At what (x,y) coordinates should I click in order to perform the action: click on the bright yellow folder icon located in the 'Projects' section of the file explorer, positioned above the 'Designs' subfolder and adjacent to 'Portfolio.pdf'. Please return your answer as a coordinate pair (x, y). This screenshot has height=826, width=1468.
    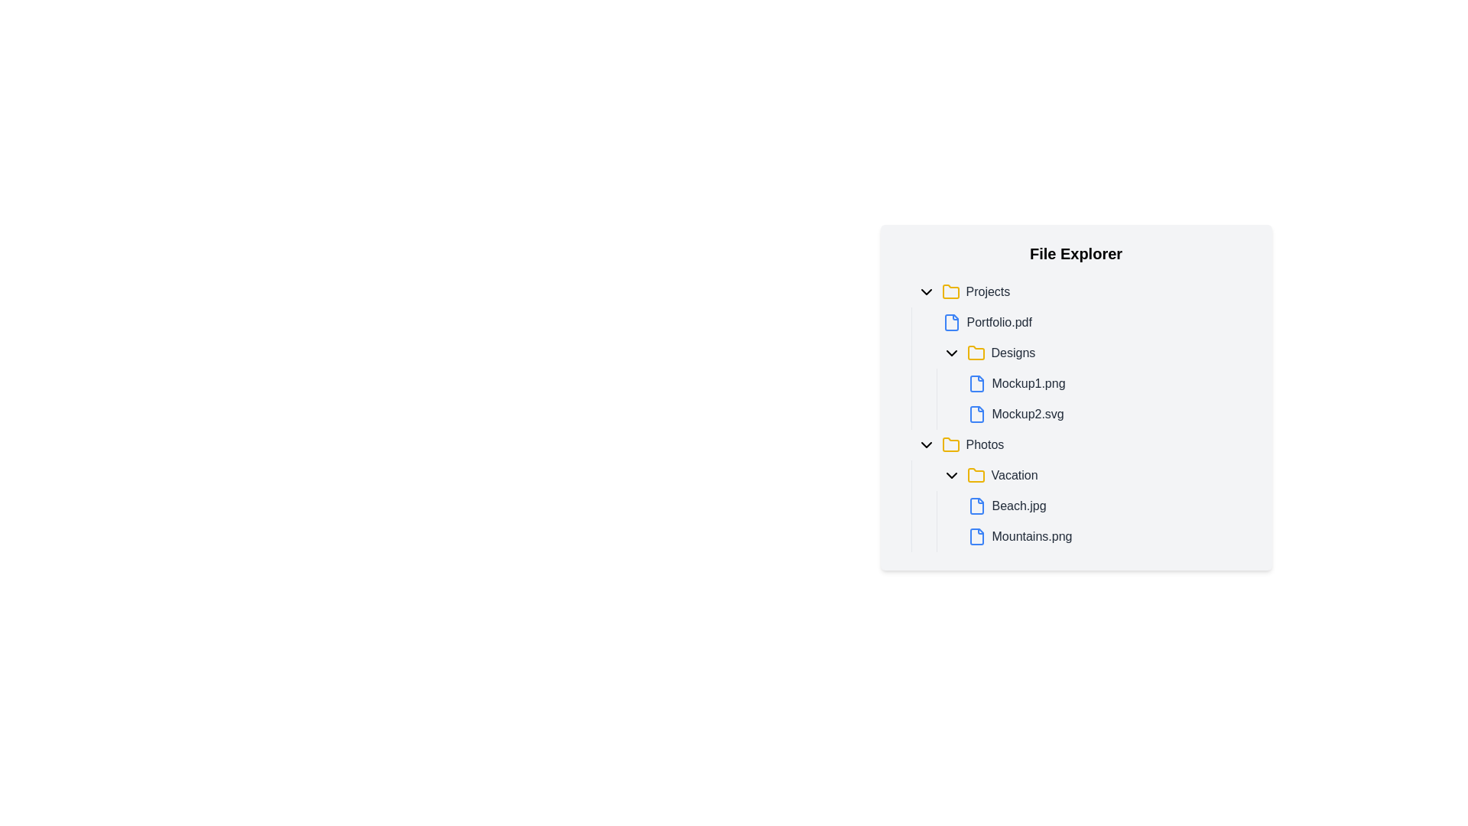
    Looking at the image, I should click on (950, 291).